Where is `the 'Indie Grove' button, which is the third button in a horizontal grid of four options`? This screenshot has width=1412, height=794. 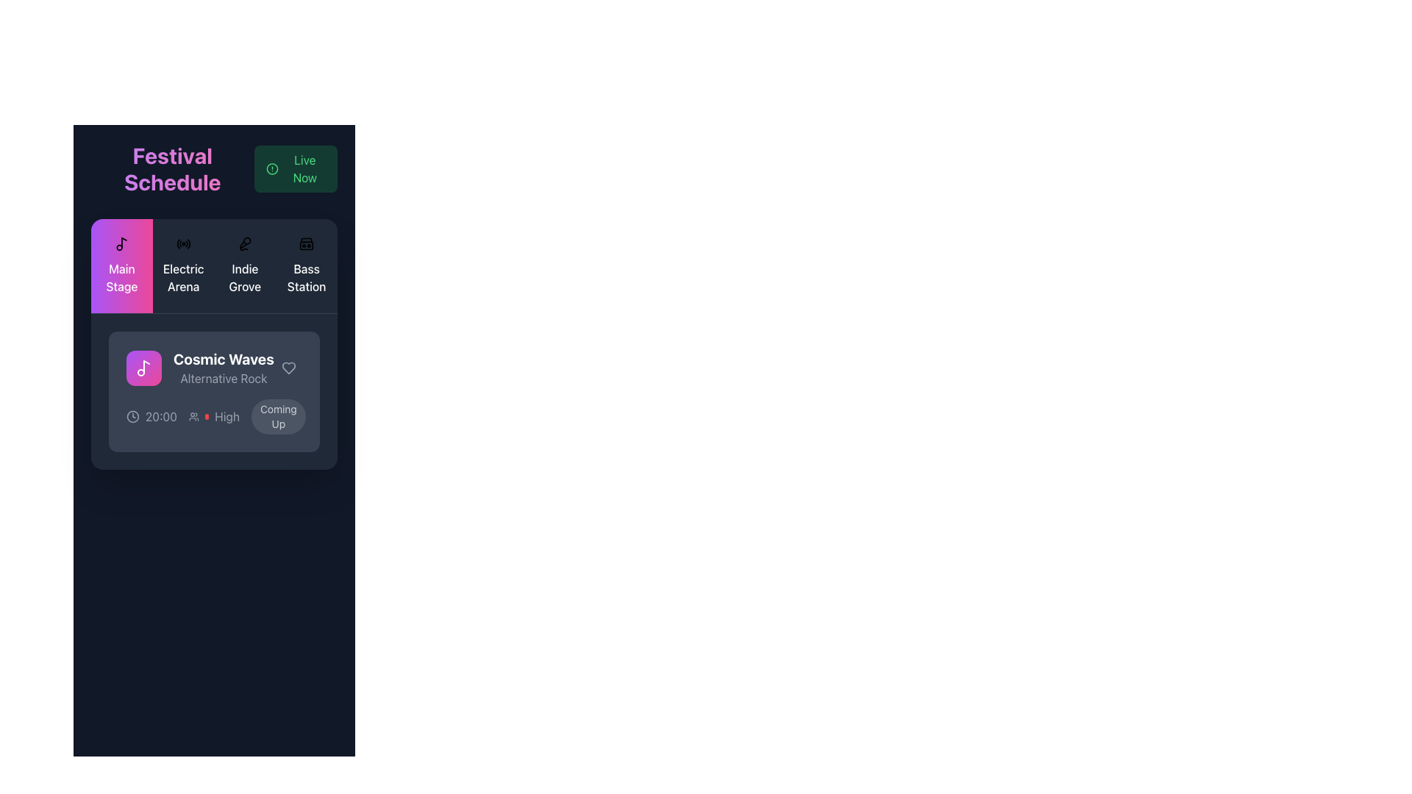 the 'Indie Grove' button, which is the third button in a horizontal grid of four options is located at coordinates (245, 266).